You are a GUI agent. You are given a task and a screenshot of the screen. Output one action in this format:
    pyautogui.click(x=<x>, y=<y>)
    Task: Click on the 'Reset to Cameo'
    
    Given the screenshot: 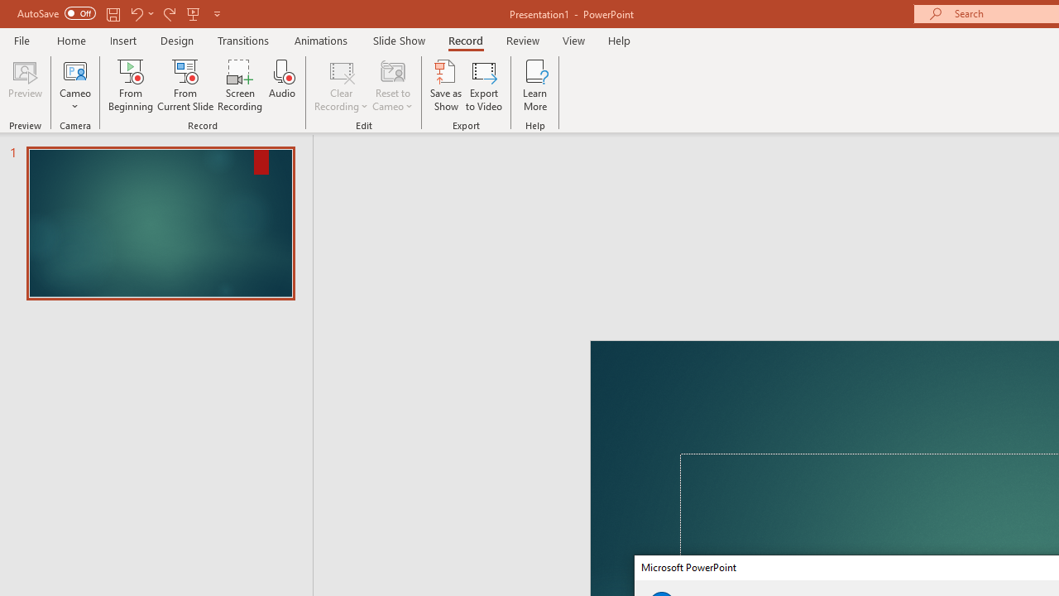 What is the action you would take?
    pyautogui.click(x=391, y=85)
    